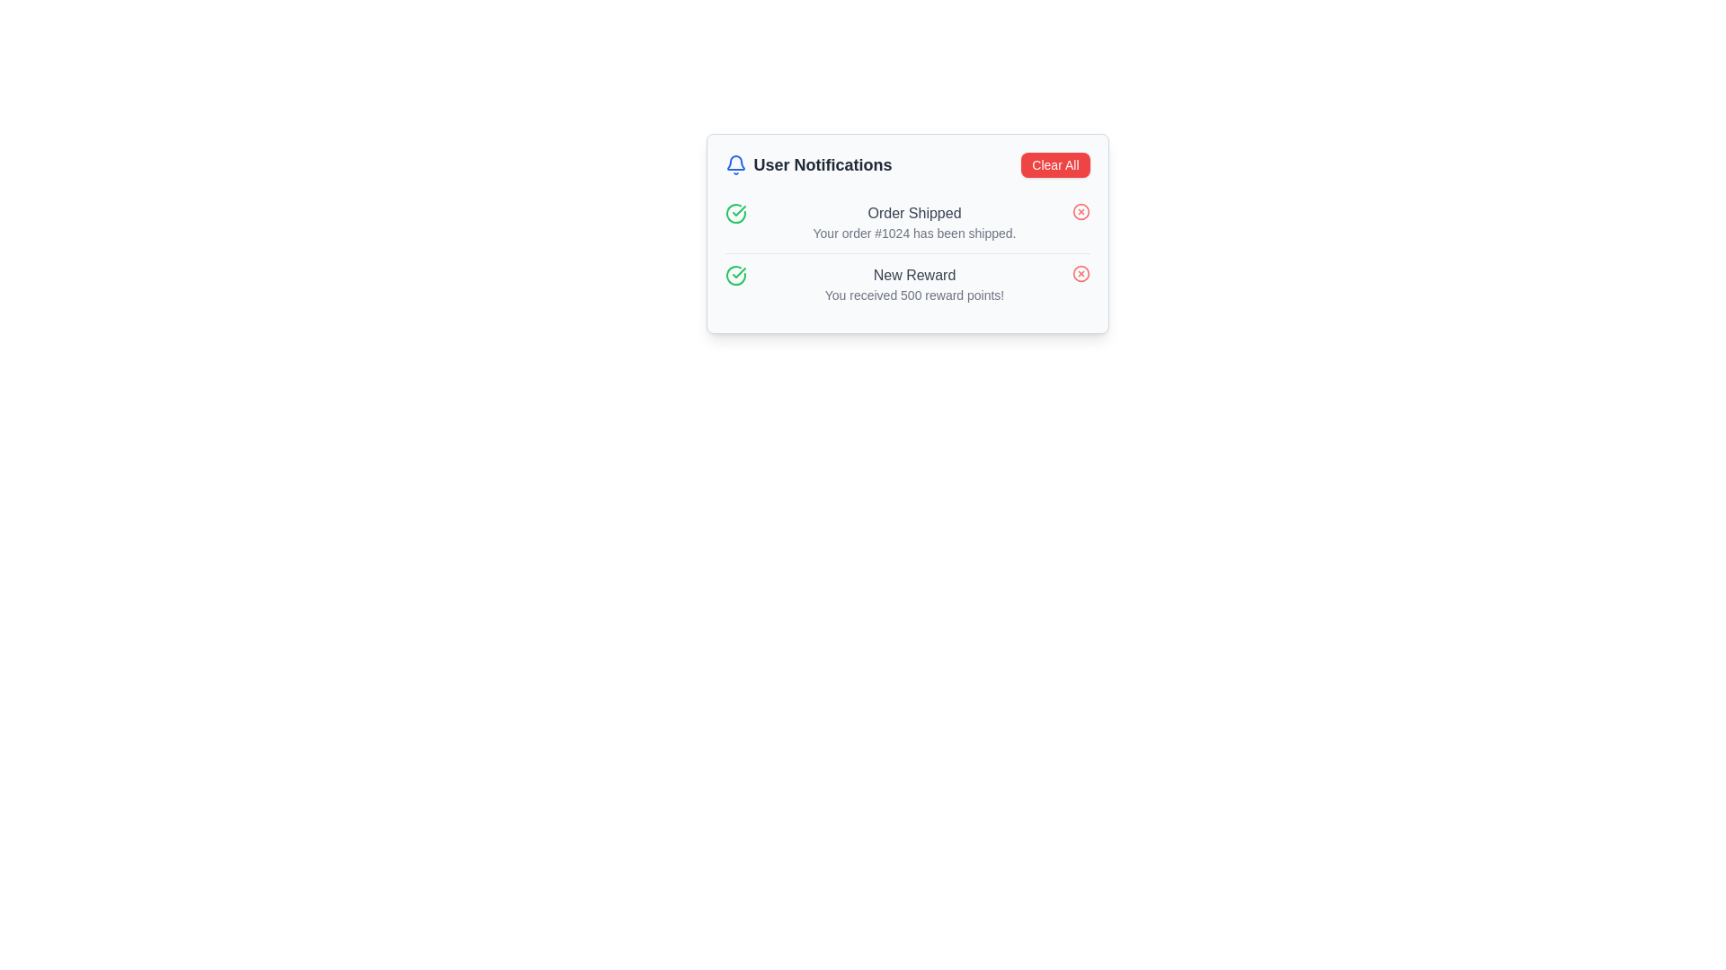 The height and width of the screenshot is (970, 1726). Describe the element at coordinates (914, 213) in the screenshot. I see `the static text label displaying the title of the first notification, located within the 'User Notifications' card, positioned above the supporting text 'Your order #1024 has been shipped.'` at that location.